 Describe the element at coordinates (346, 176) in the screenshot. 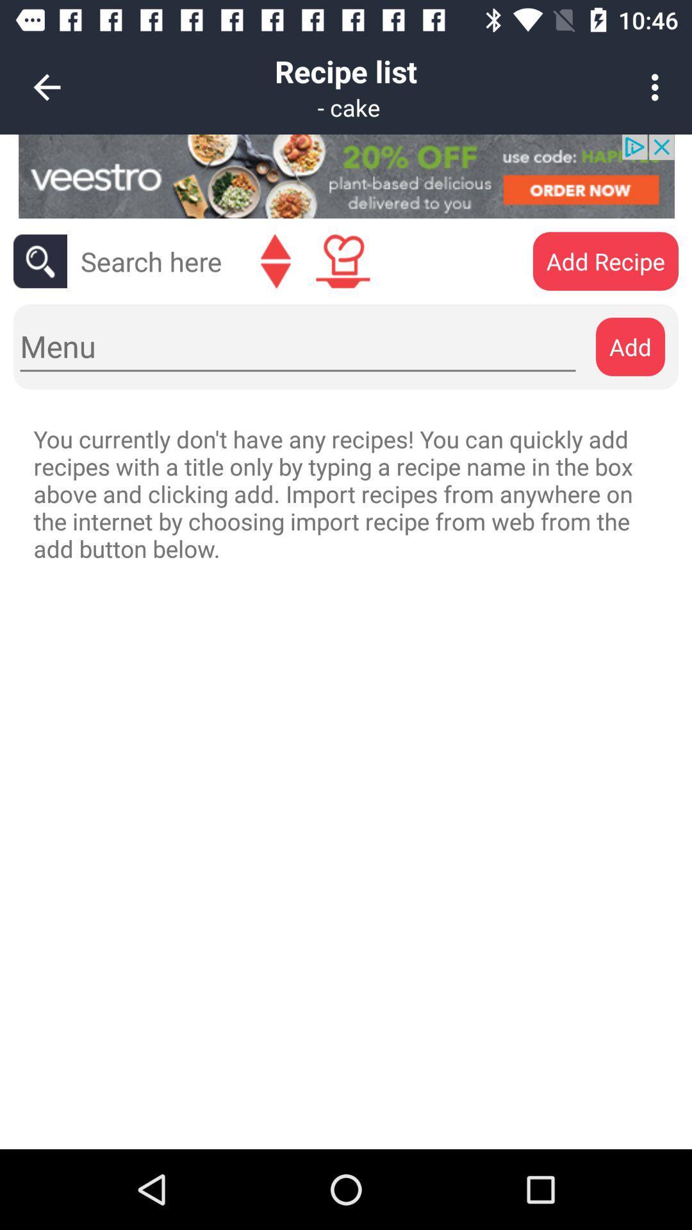

I see `advertisement` at that location.